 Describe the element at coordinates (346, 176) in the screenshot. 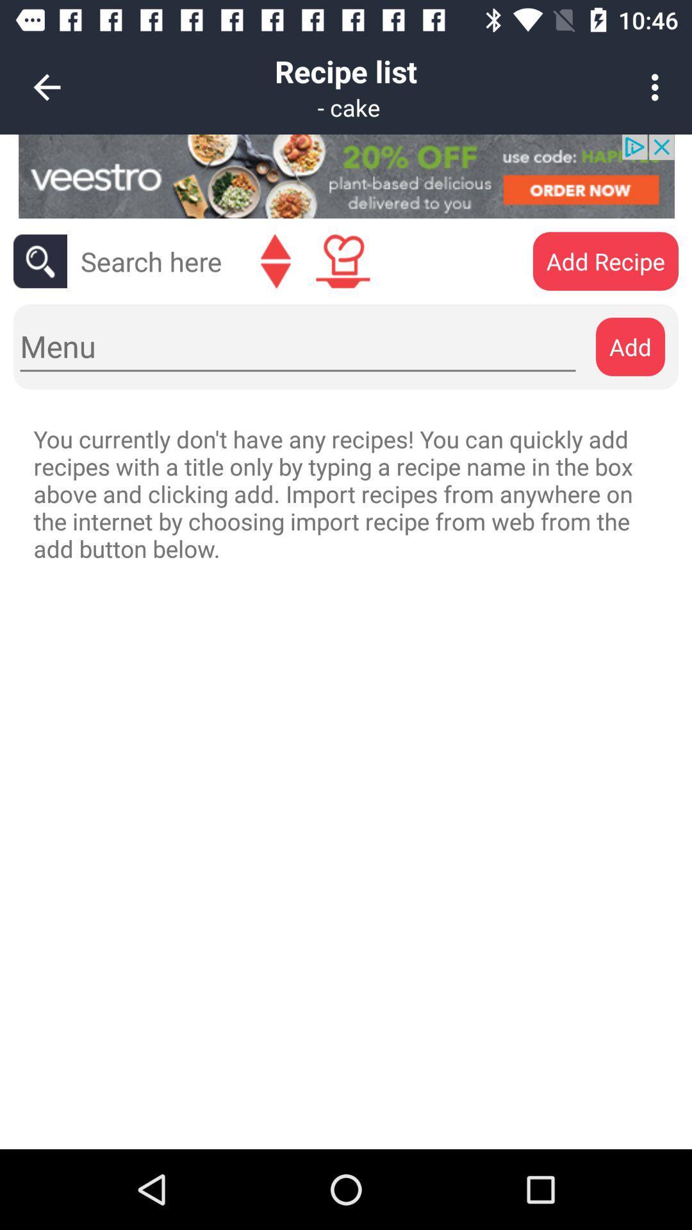

I see `advertisement` at that location.